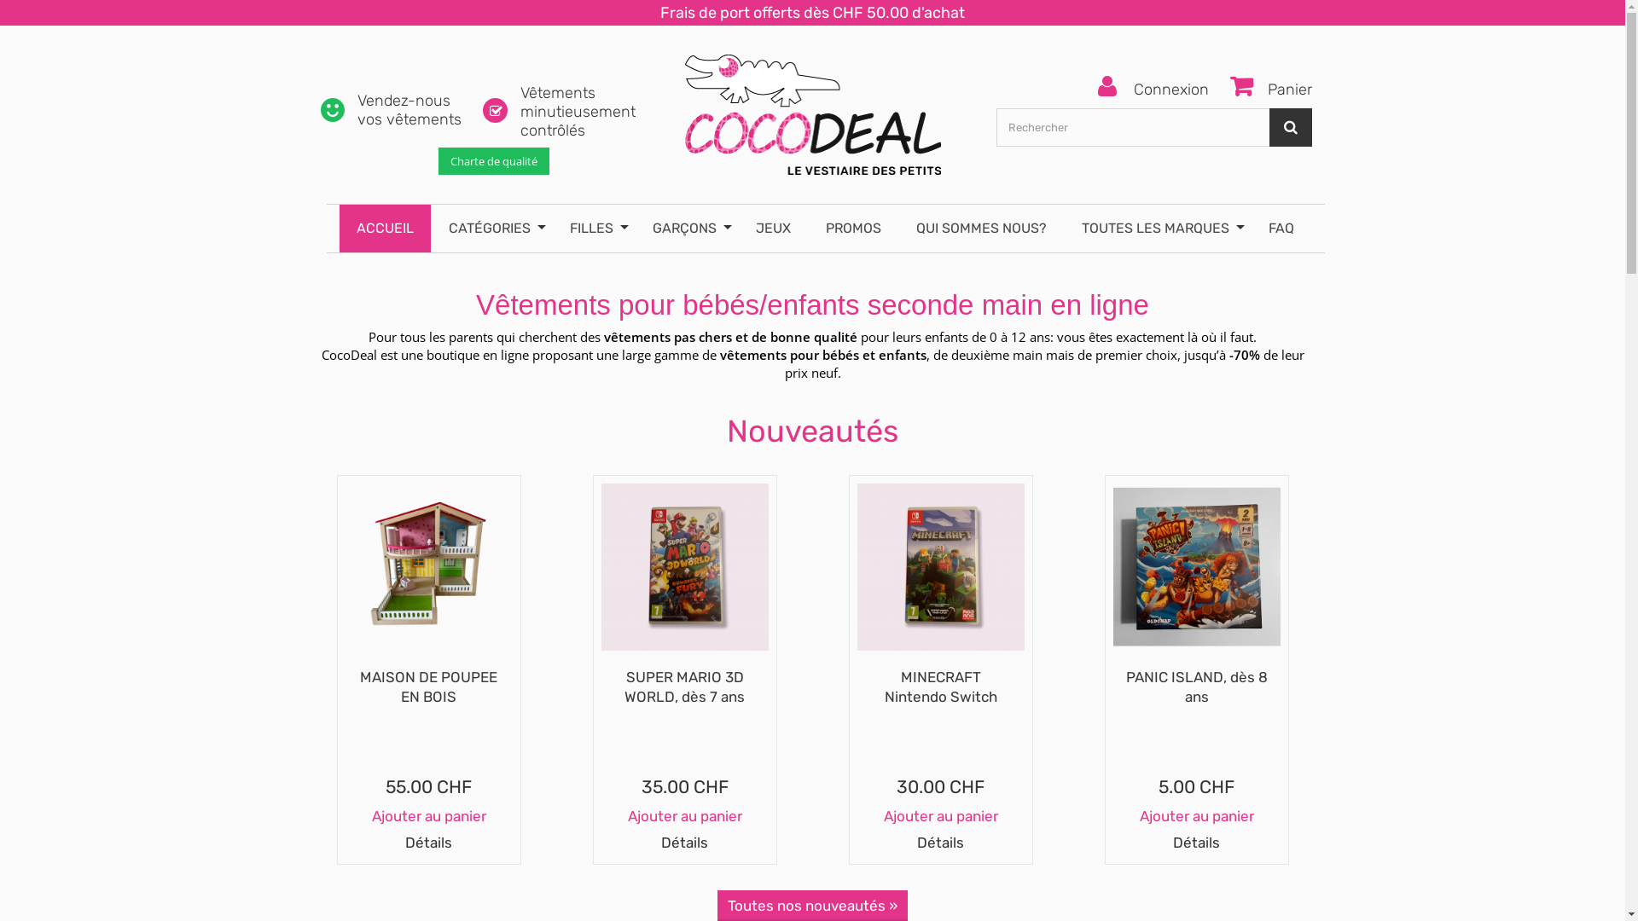  What do you see at coordinates (853, 227) in the screenshot?
I see `'PROMOS'` at bounding box center [853, 227].